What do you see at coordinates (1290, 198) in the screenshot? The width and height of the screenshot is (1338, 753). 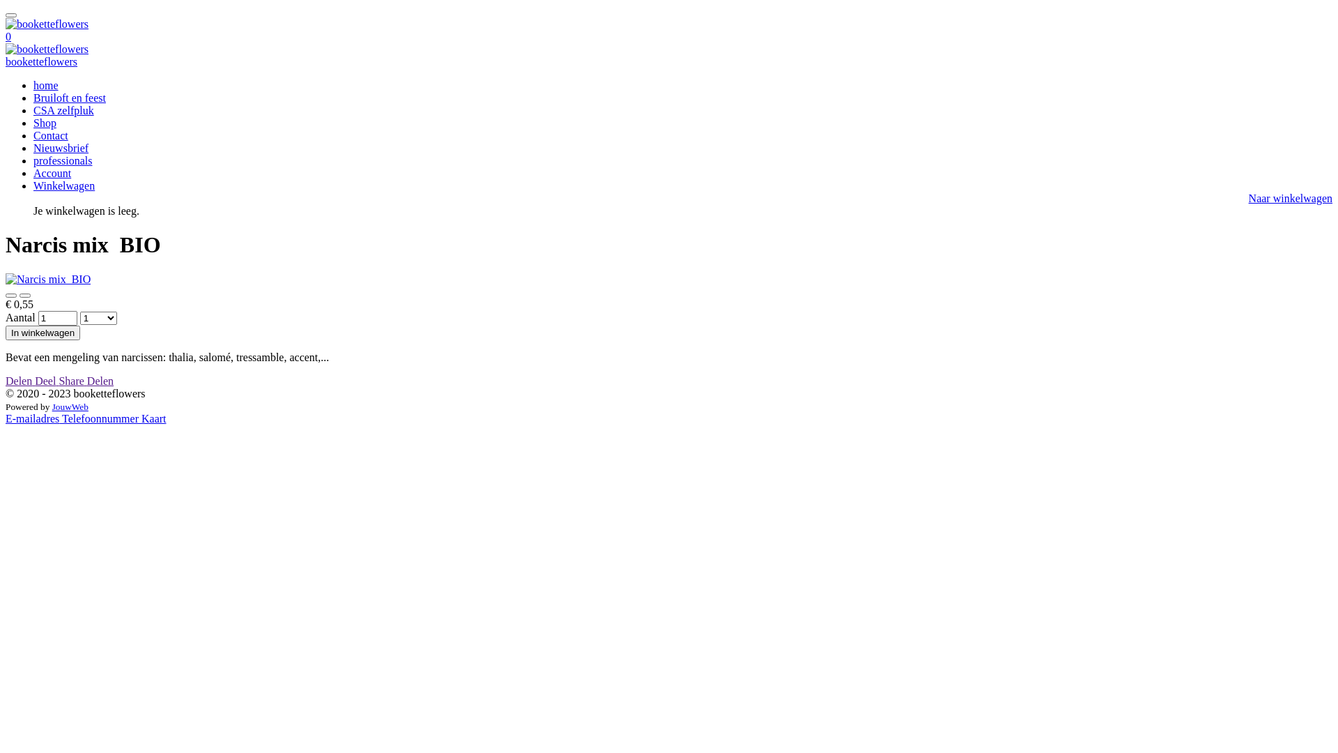 I see `'Naar winkelwagen'` at bounding box center [1290, 198].